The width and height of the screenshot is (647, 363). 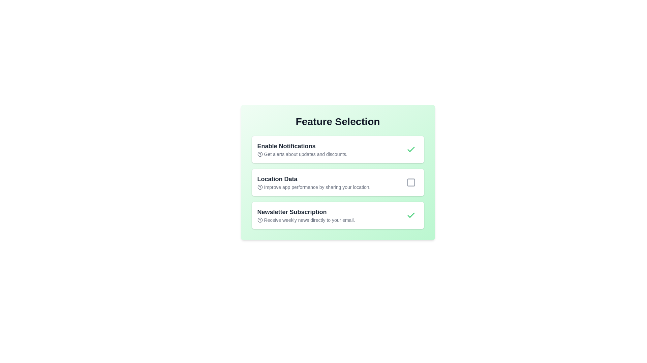 I want to click on the green checkmark button located on the right side of the 'Newsletter Subscription' row, so click(x=410, y=215).